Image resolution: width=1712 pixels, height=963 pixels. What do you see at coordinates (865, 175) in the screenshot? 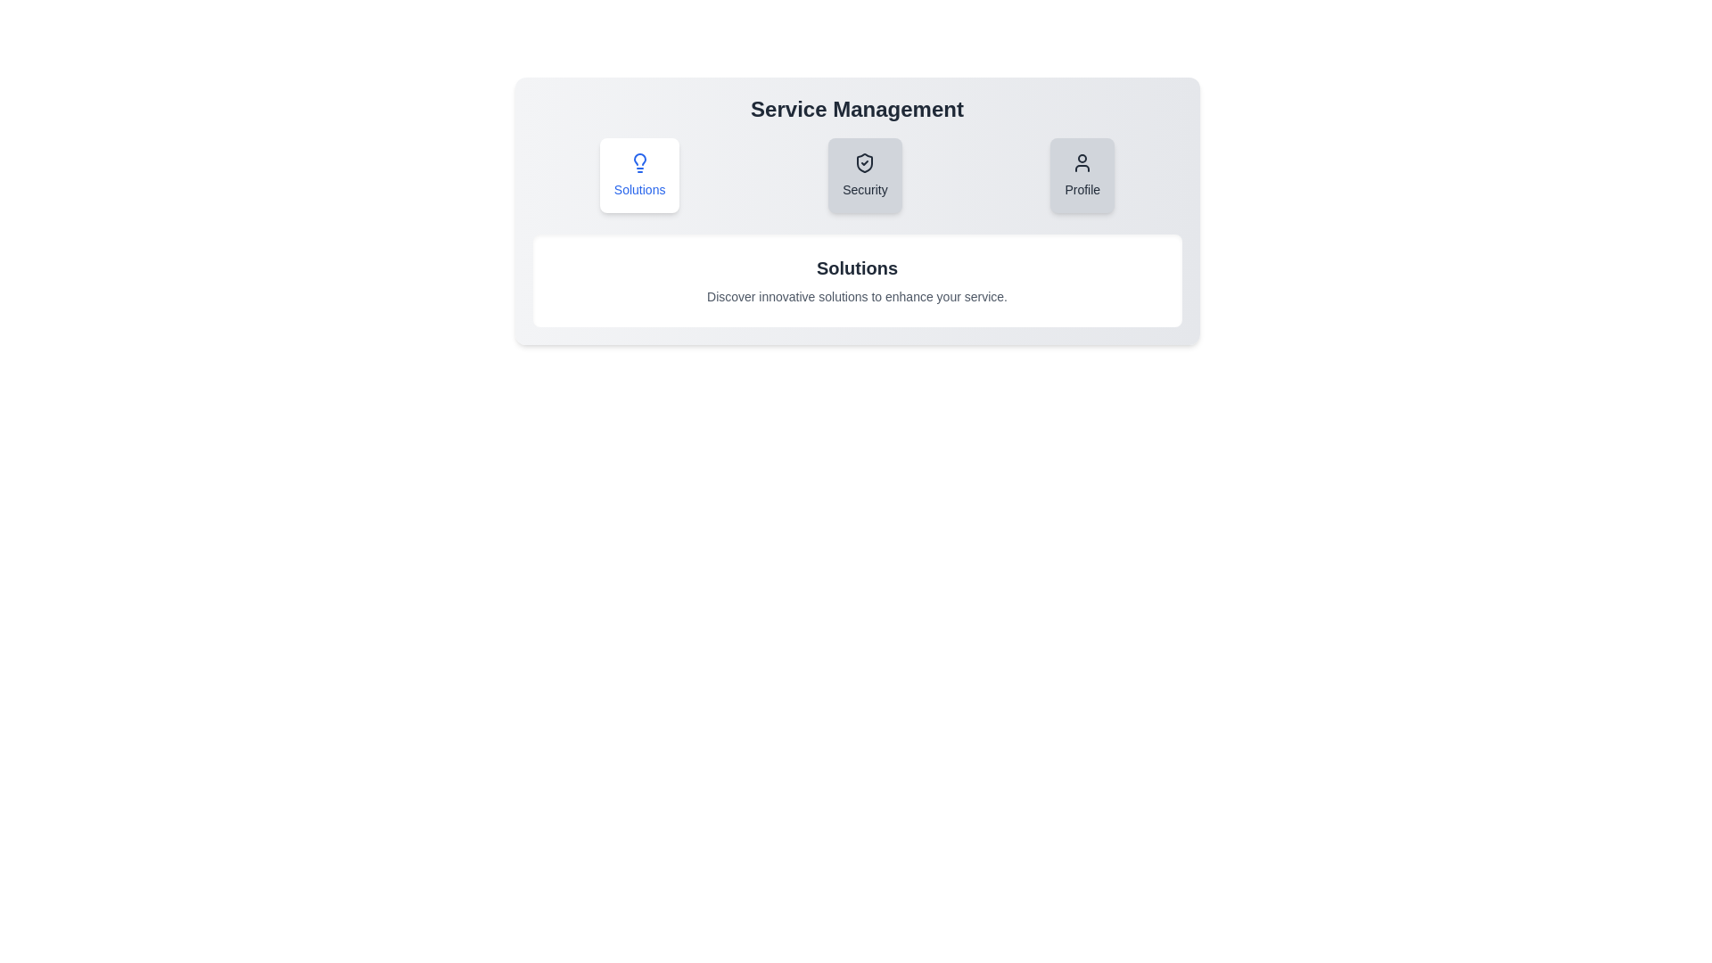
I see `the Security tab` at bounding box center [865, 175].